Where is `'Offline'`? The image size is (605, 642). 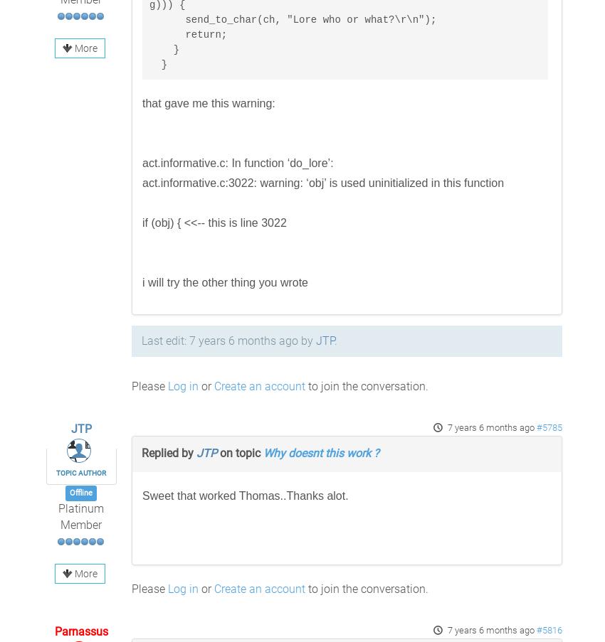
'Offline' is located at coordinates (80, 492).